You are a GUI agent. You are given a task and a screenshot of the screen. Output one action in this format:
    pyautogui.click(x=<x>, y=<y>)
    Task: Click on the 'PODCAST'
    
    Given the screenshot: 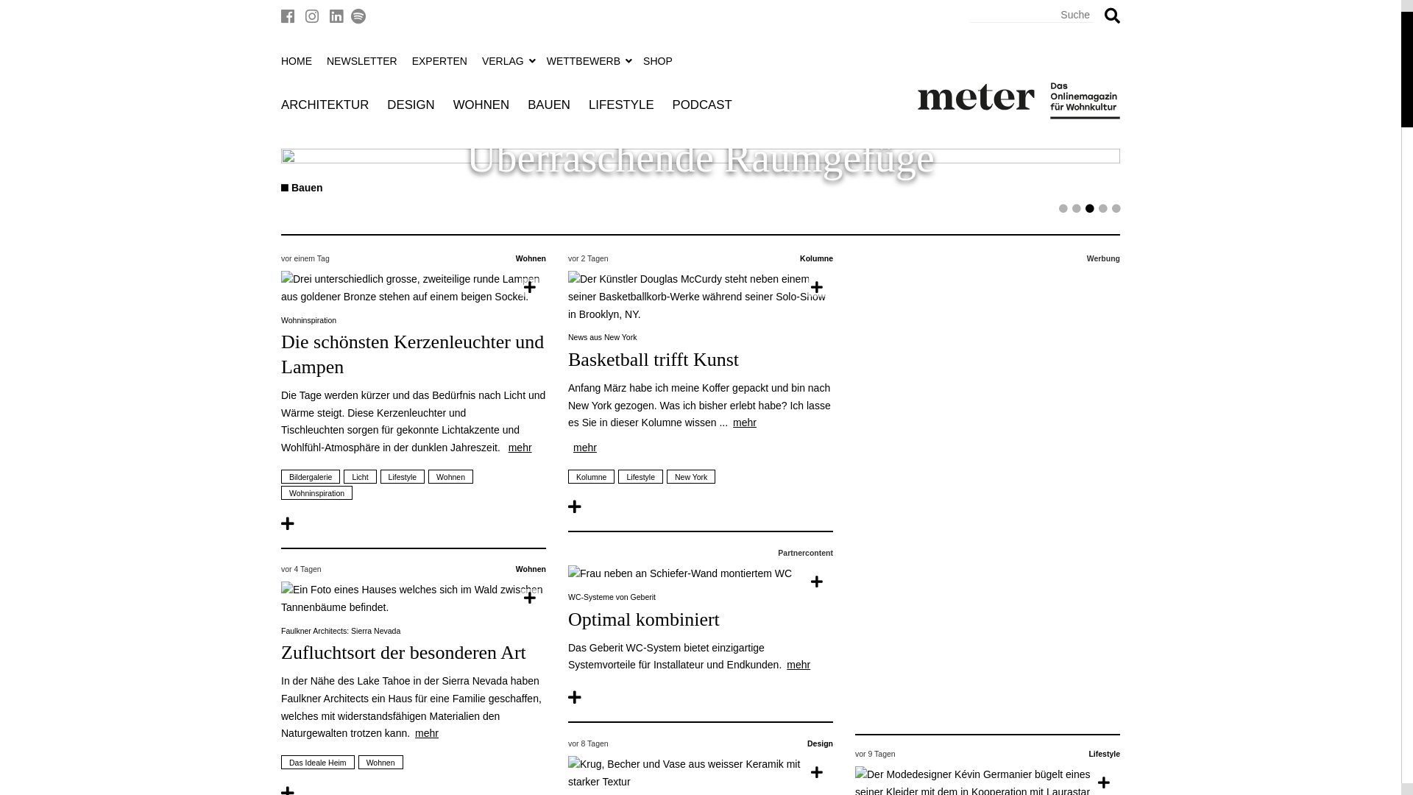 What is the action you would take?
    pyautogui.click(x=701, y=105)
    